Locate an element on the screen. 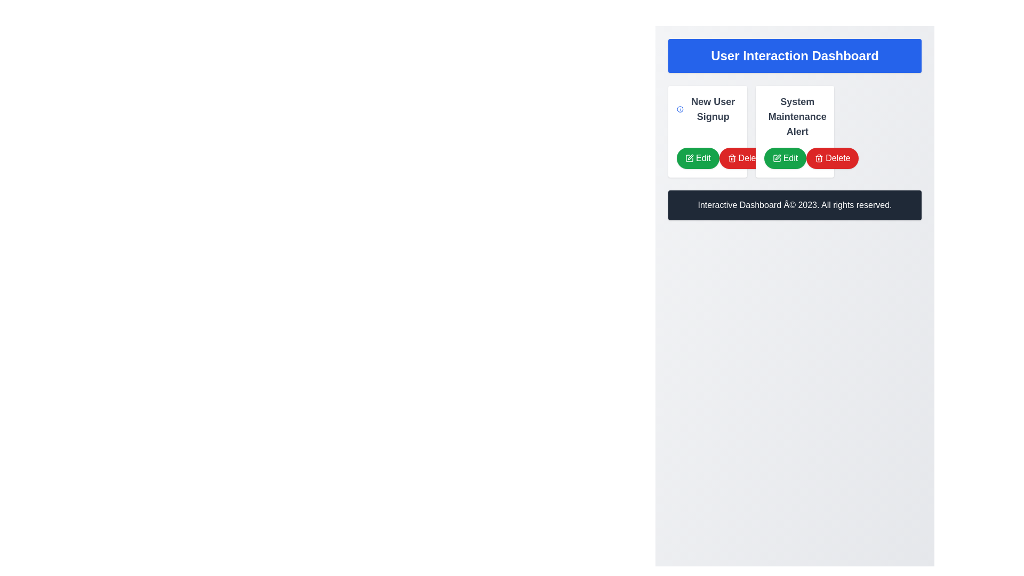 The height and width of the screenshot is (576, 1024). the green 'Edit' button with a pen icon located in the 'System Maintenance Alert' panel to observe its visual change indicating interactivity is located at coordinates (785, 158).